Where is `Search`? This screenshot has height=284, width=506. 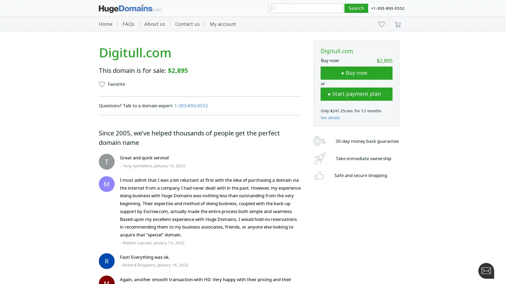 Search is located at coordinates (356, 8).